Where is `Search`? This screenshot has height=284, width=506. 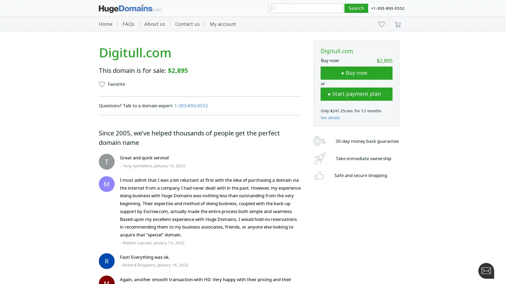 Search is located at coordinates (356, 8).